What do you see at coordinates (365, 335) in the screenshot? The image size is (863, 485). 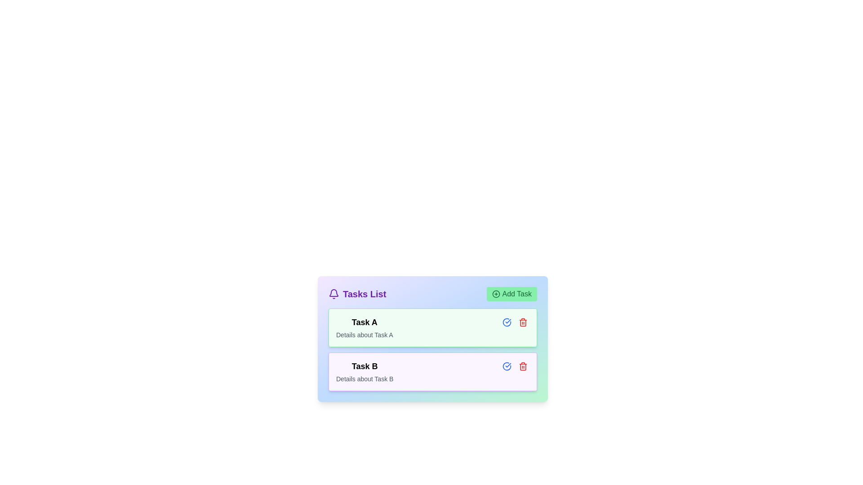 I see `the static text content that says 'Details about Task A', which is located directly below the title 'Task A' within the highlighted task card` at bounding box center [365, 335].